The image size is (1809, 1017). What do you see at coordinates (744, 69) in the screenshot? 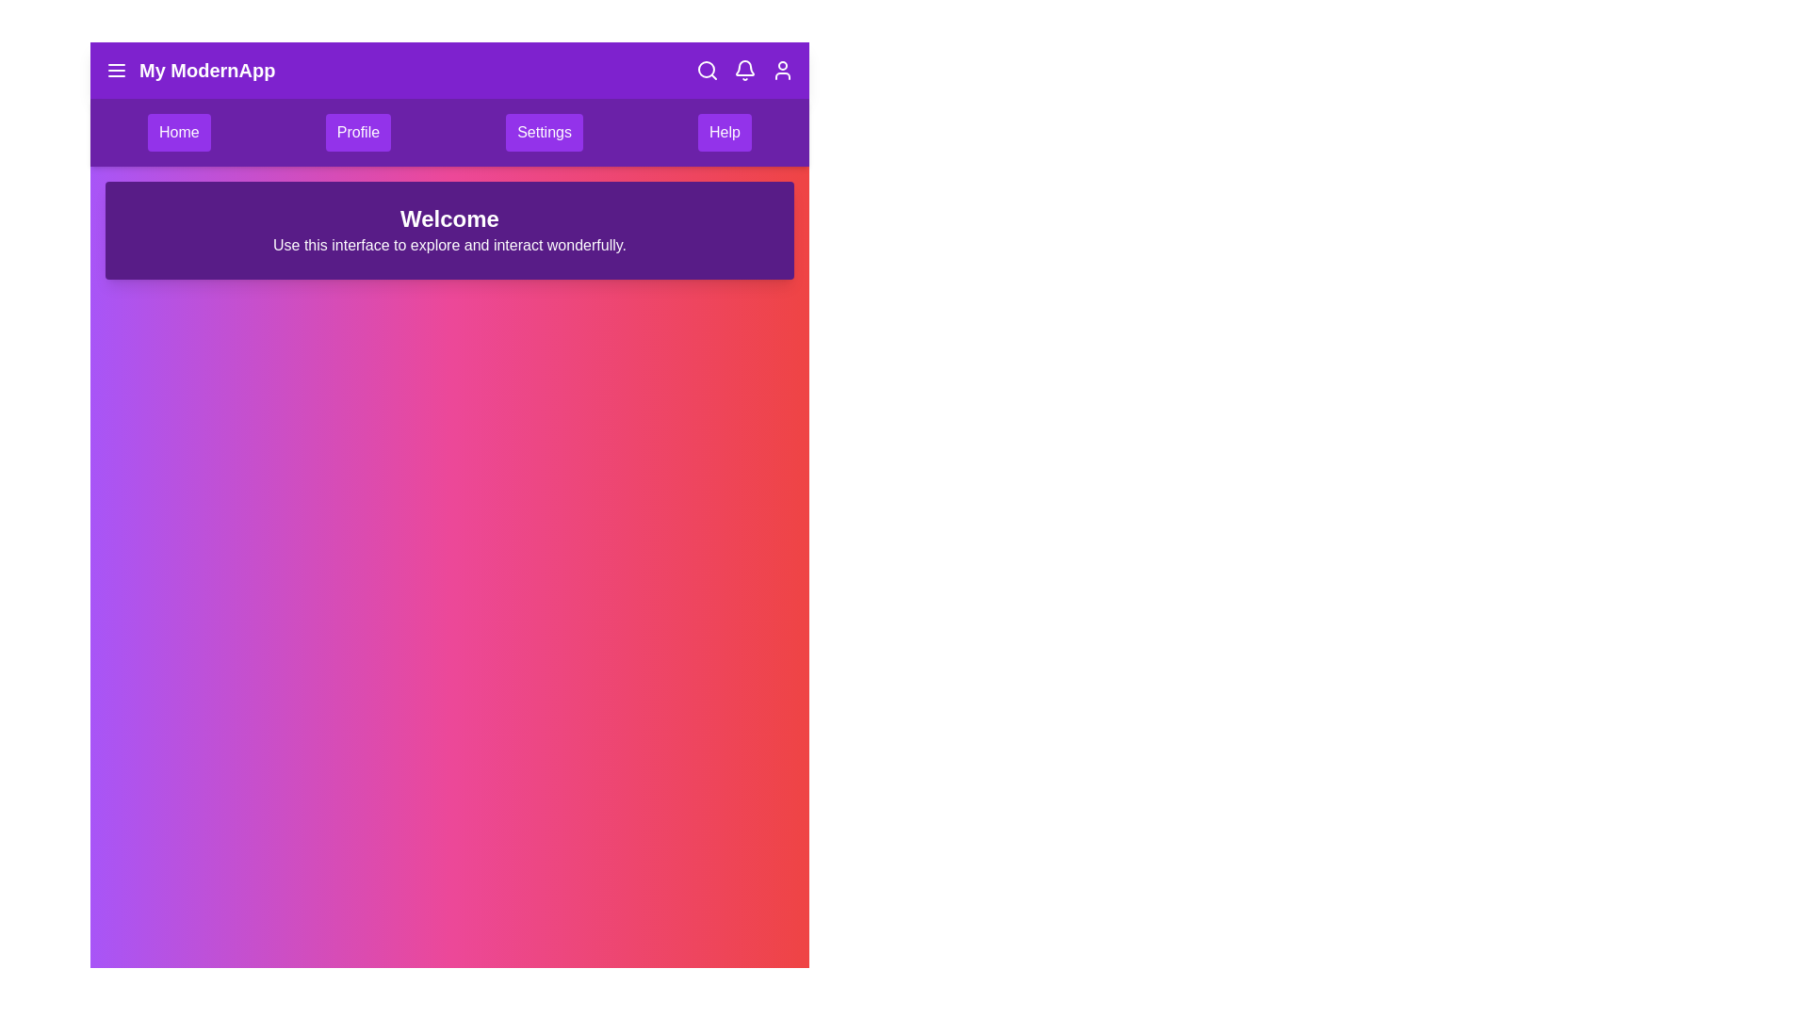
I see `the notification icon in the app bar` at bounding box center [744, 69].